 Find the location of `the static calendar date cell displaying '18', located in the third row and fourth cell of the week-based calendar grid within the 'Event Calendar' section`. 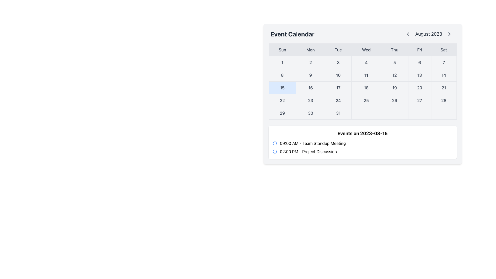

the static calendar date cell displaying '18', located in the third row and fourth cell of the week-based calendar grid within the 'Event Calendar' section is located at coordinates (366, 87).